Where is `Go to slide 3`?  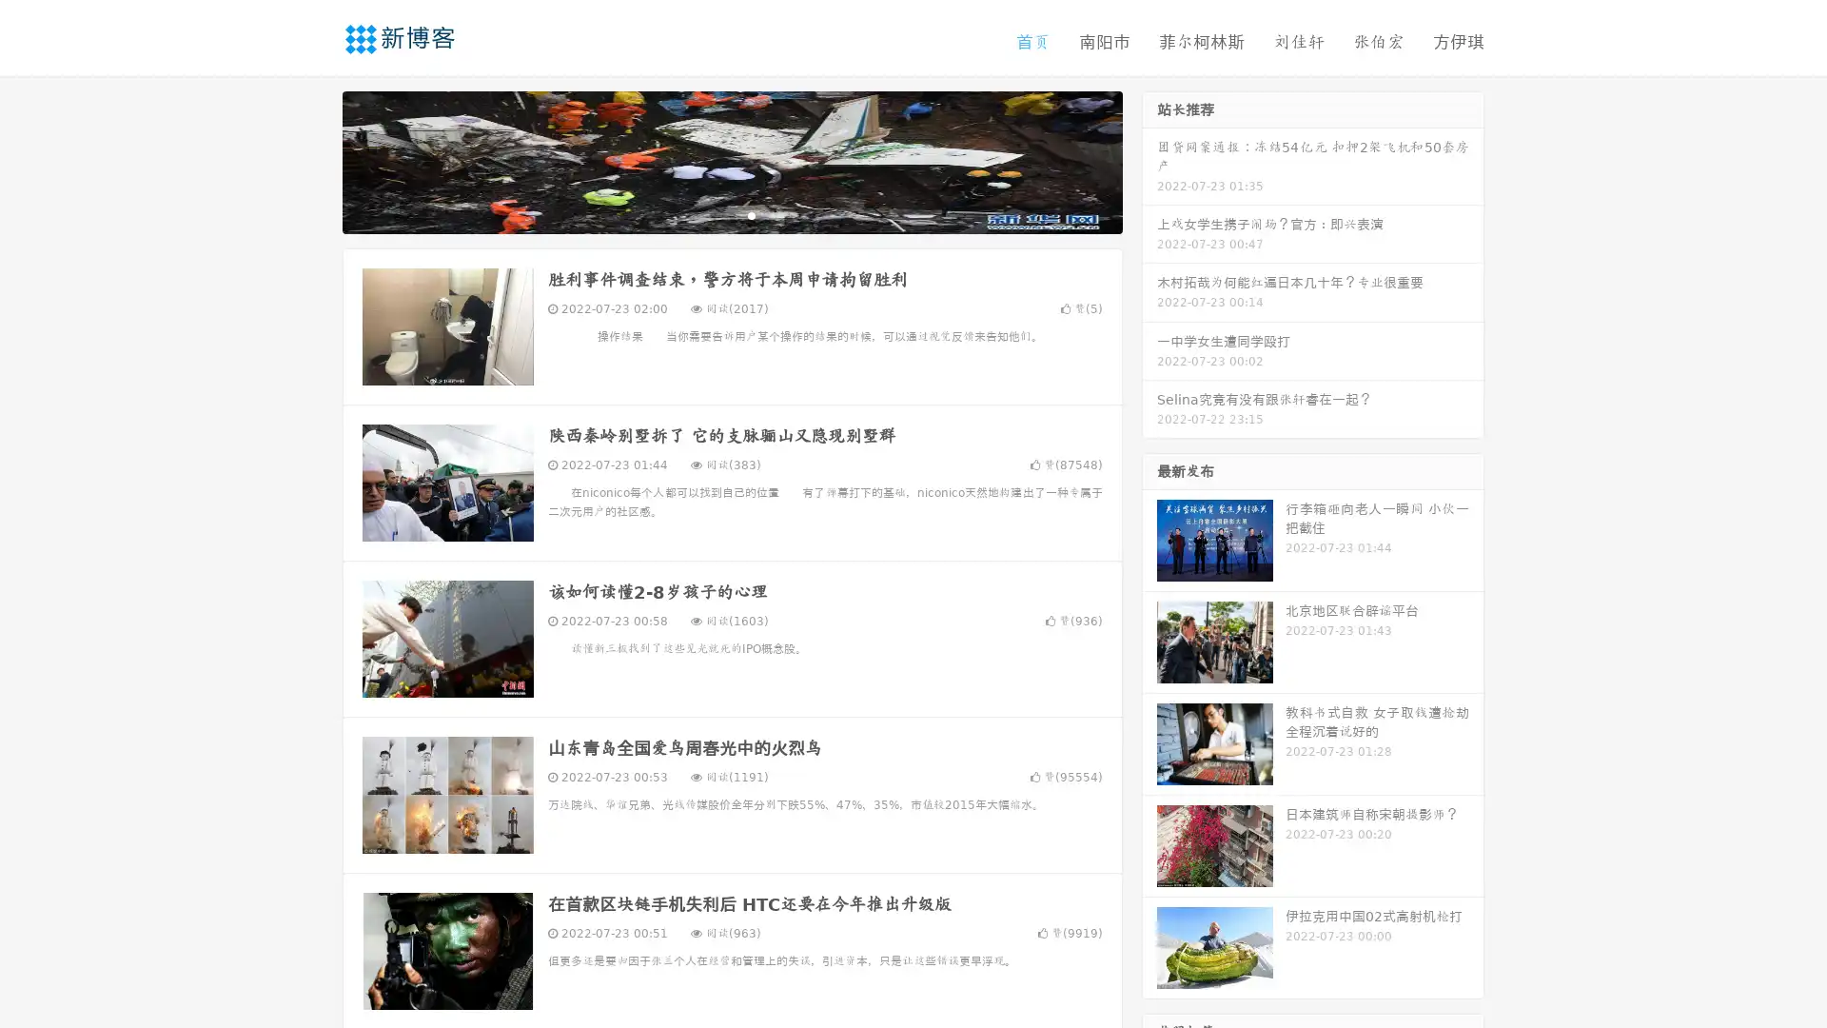
Go to slide 3 is located at coordinates (751, 214).